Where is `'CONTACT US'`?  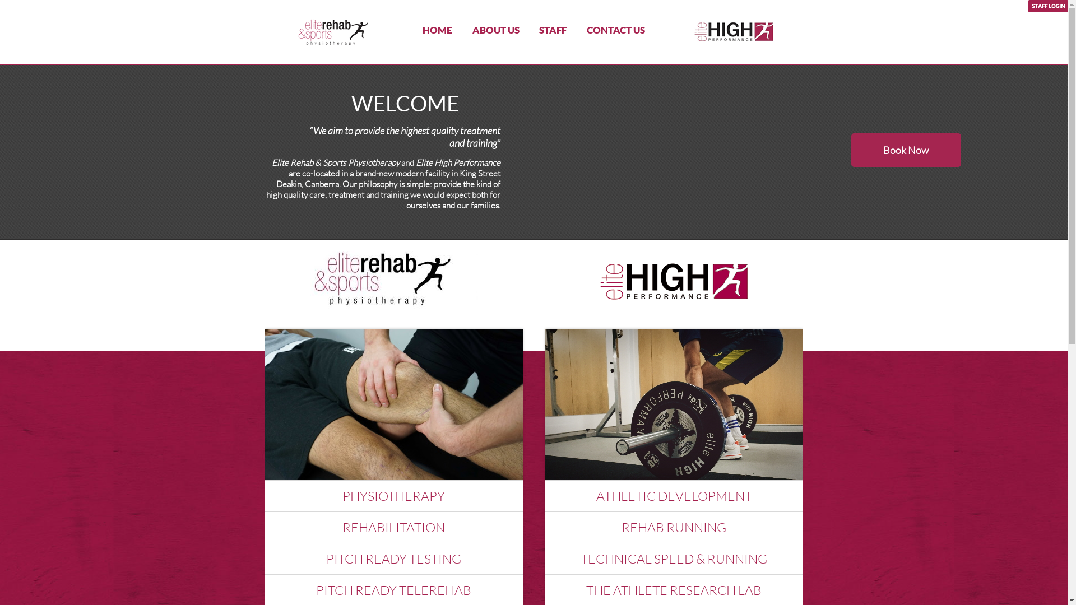
'CONTACT US' is located at coordinates (615, 29).